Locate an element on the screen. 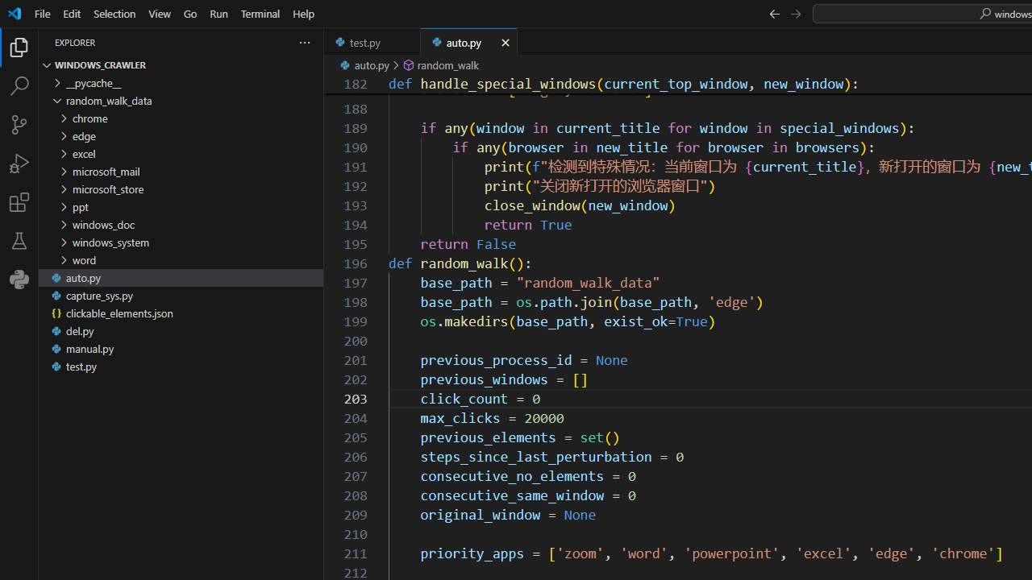 This screenshot has height=580, width=1032. 'Run and Debug (Ctrl+Shift+D)' is located at coordinates (19, 164).